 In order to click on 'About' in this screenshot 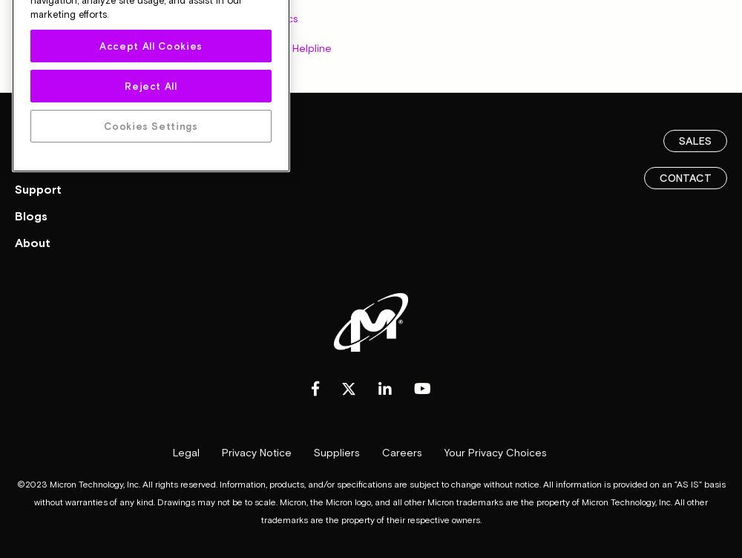, I will do `click(33, 240)`.